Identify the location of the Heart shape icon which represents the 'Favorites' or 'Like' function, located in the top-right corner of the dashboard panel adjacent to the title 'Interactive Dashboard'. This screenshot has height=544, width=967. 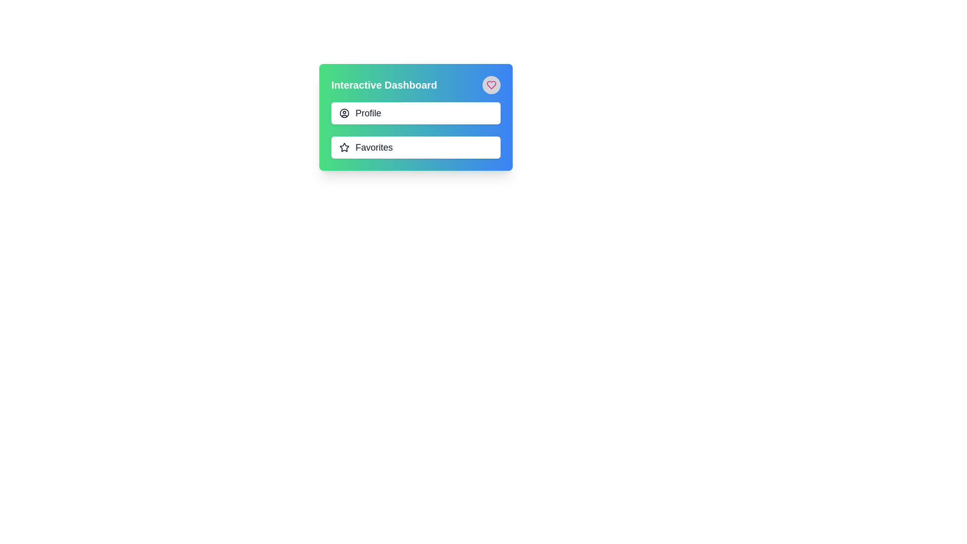
(491, 85).